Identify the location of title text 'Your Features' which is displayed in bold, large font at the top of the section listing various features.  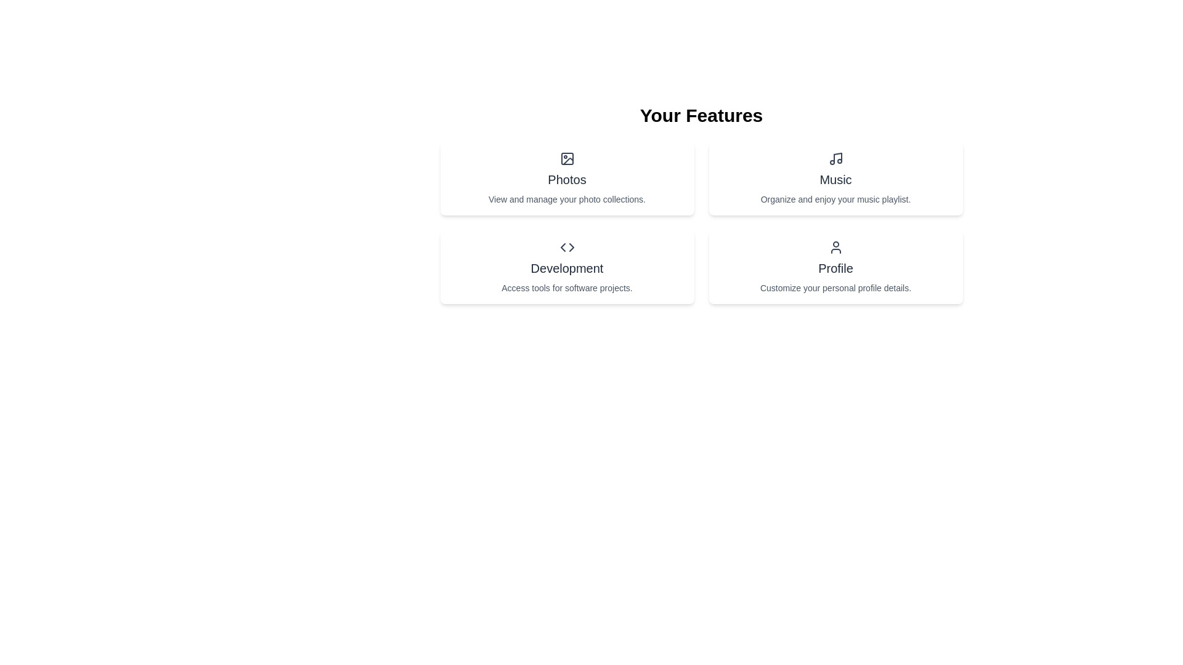
(701, 116).